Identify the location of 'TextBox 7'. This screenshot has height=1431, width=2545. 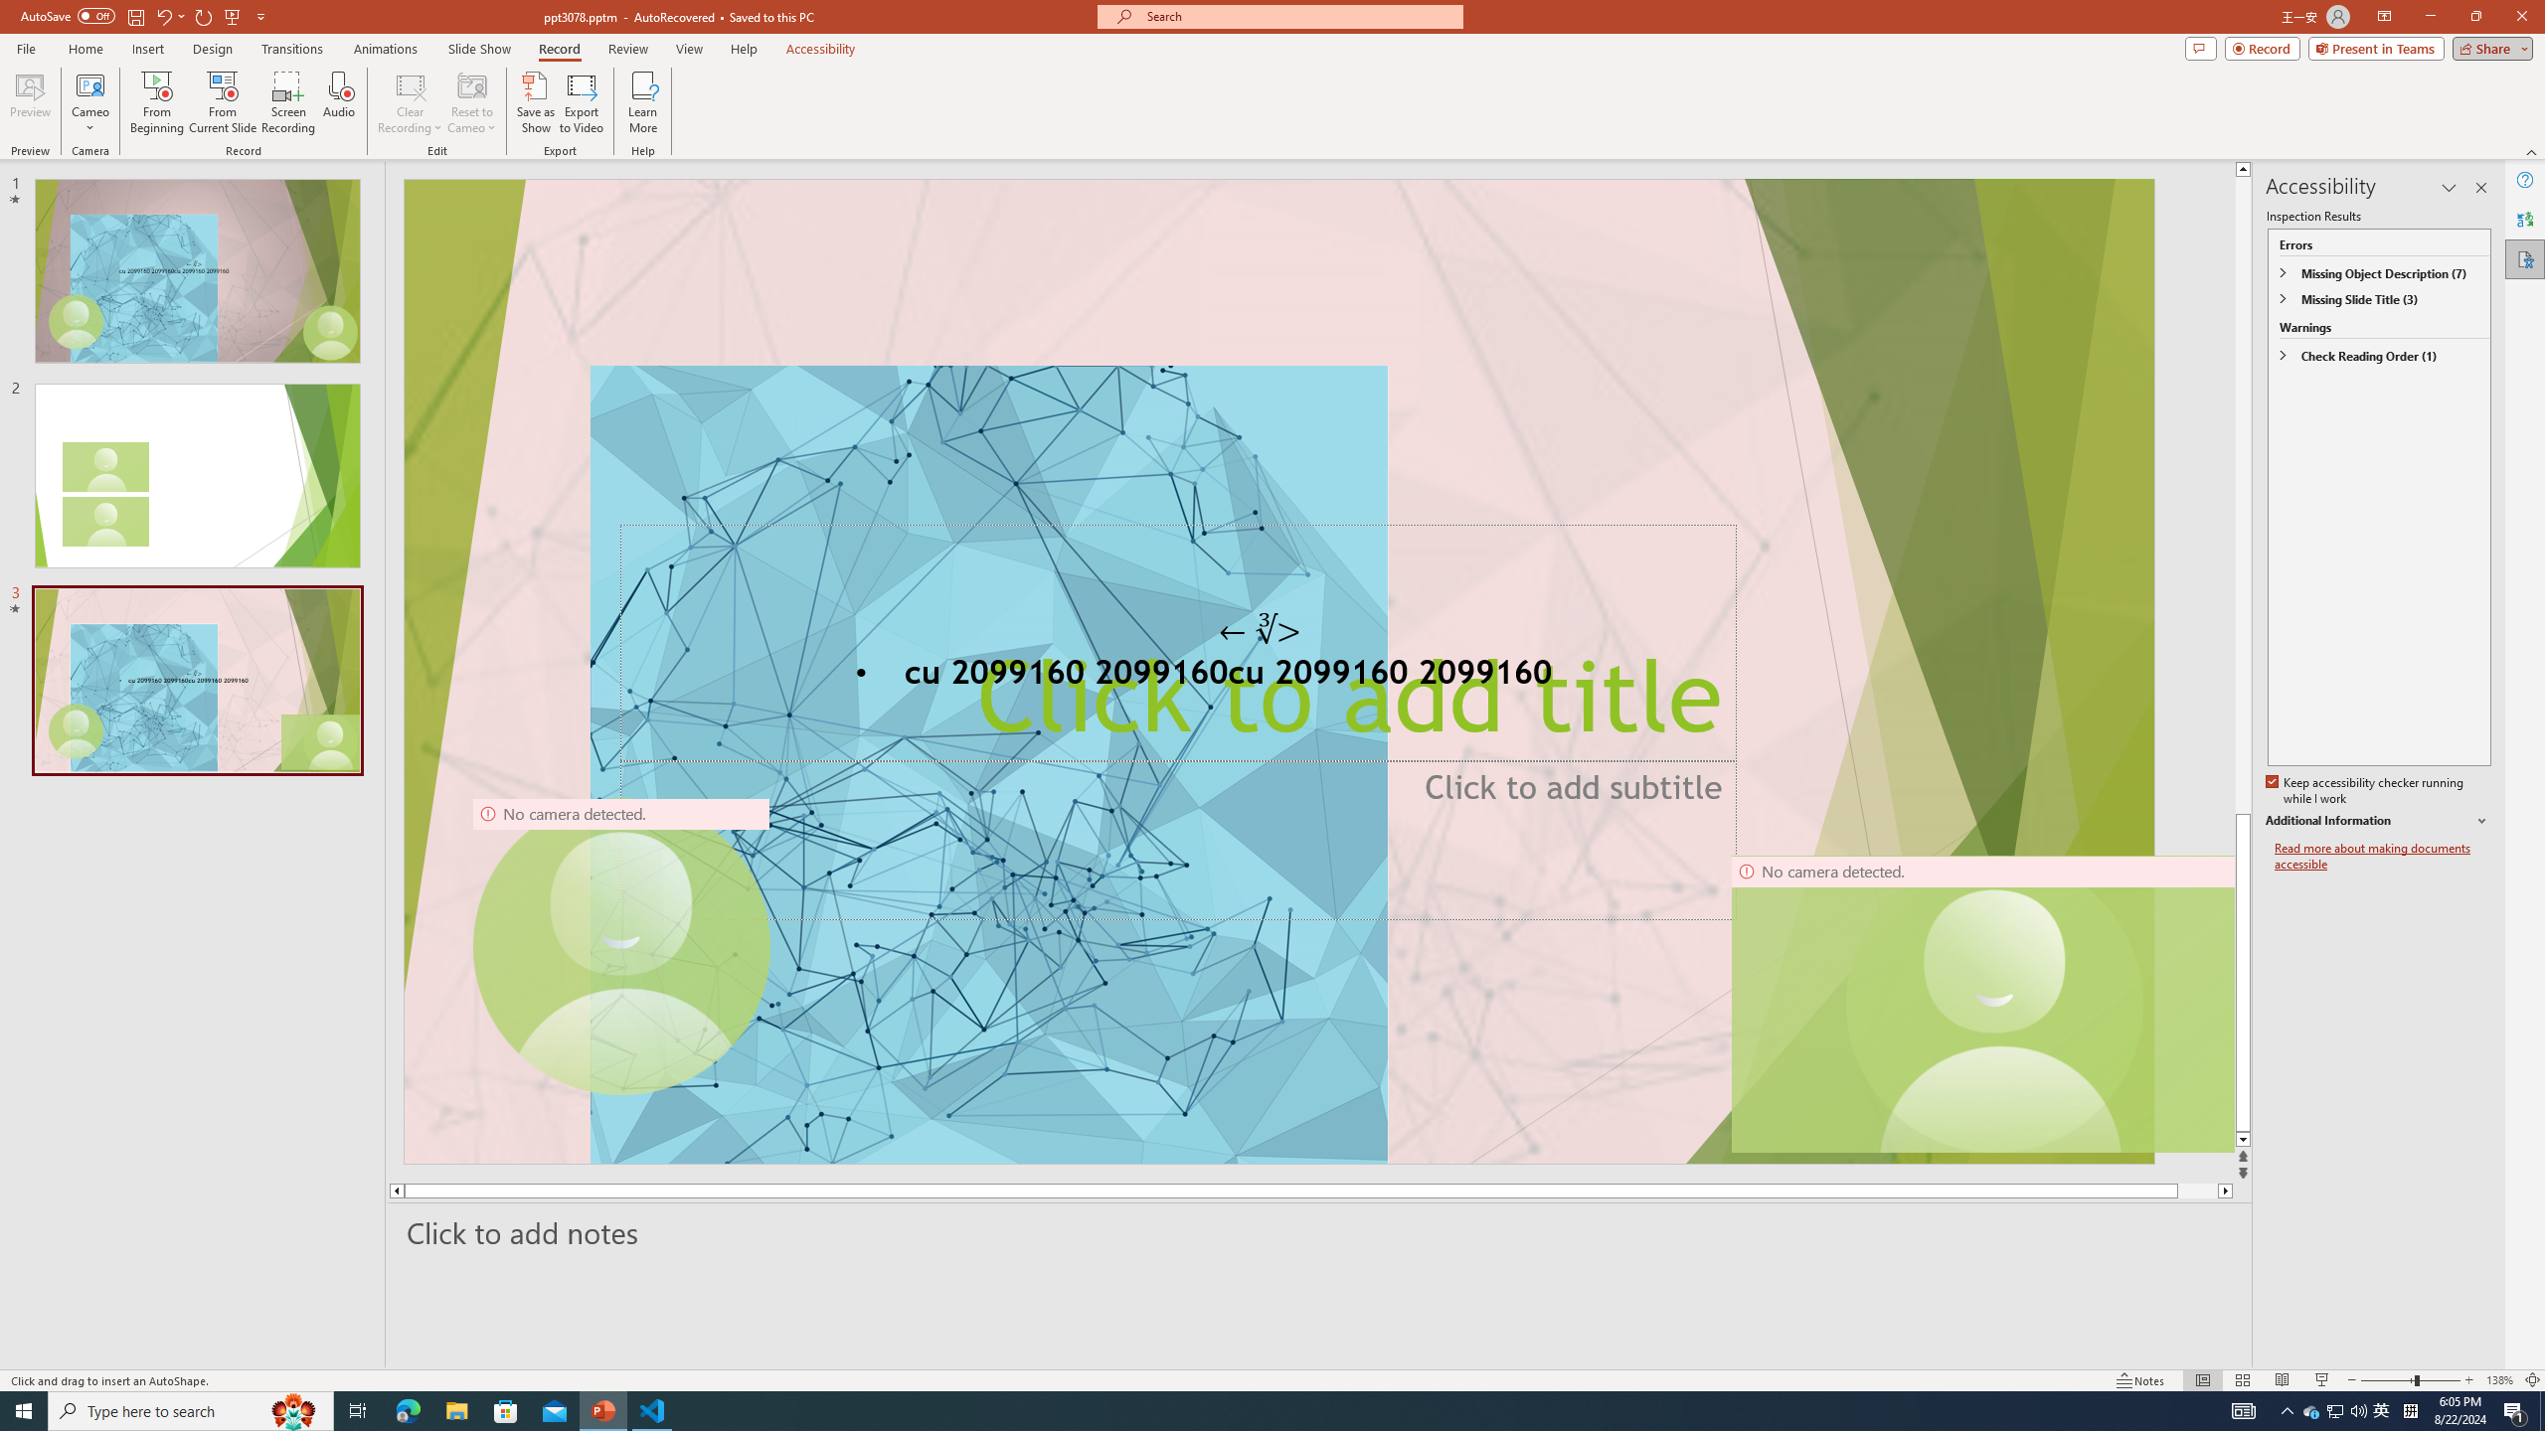
(1260, 629).